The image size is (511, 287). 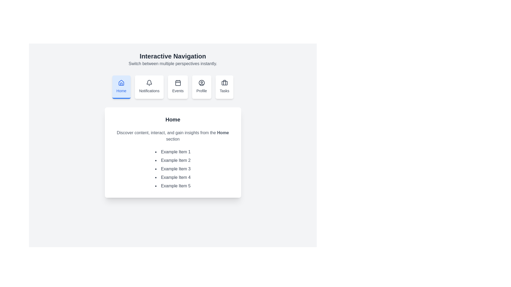 What do you see at coordinates (173, 63) in the screenshot?
I see `the static text content that is styled in gray, positioned centrally below the main heading 'Interactive Navigation'` at bounding box center [173, 63].